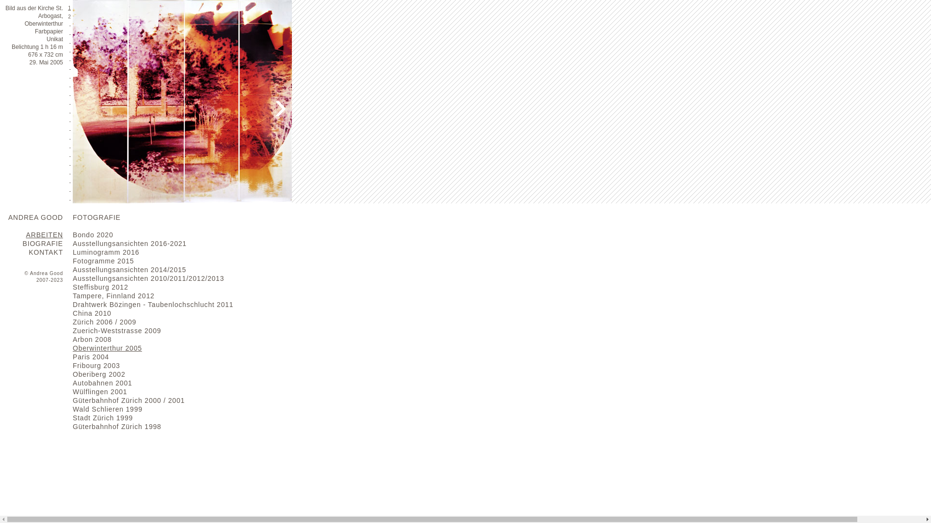 This screenshot has width=931, height=523. Describe the element at coordinates (72, 409) in the screenshot. I see `'Wald Schlieren 1999'` at that location.